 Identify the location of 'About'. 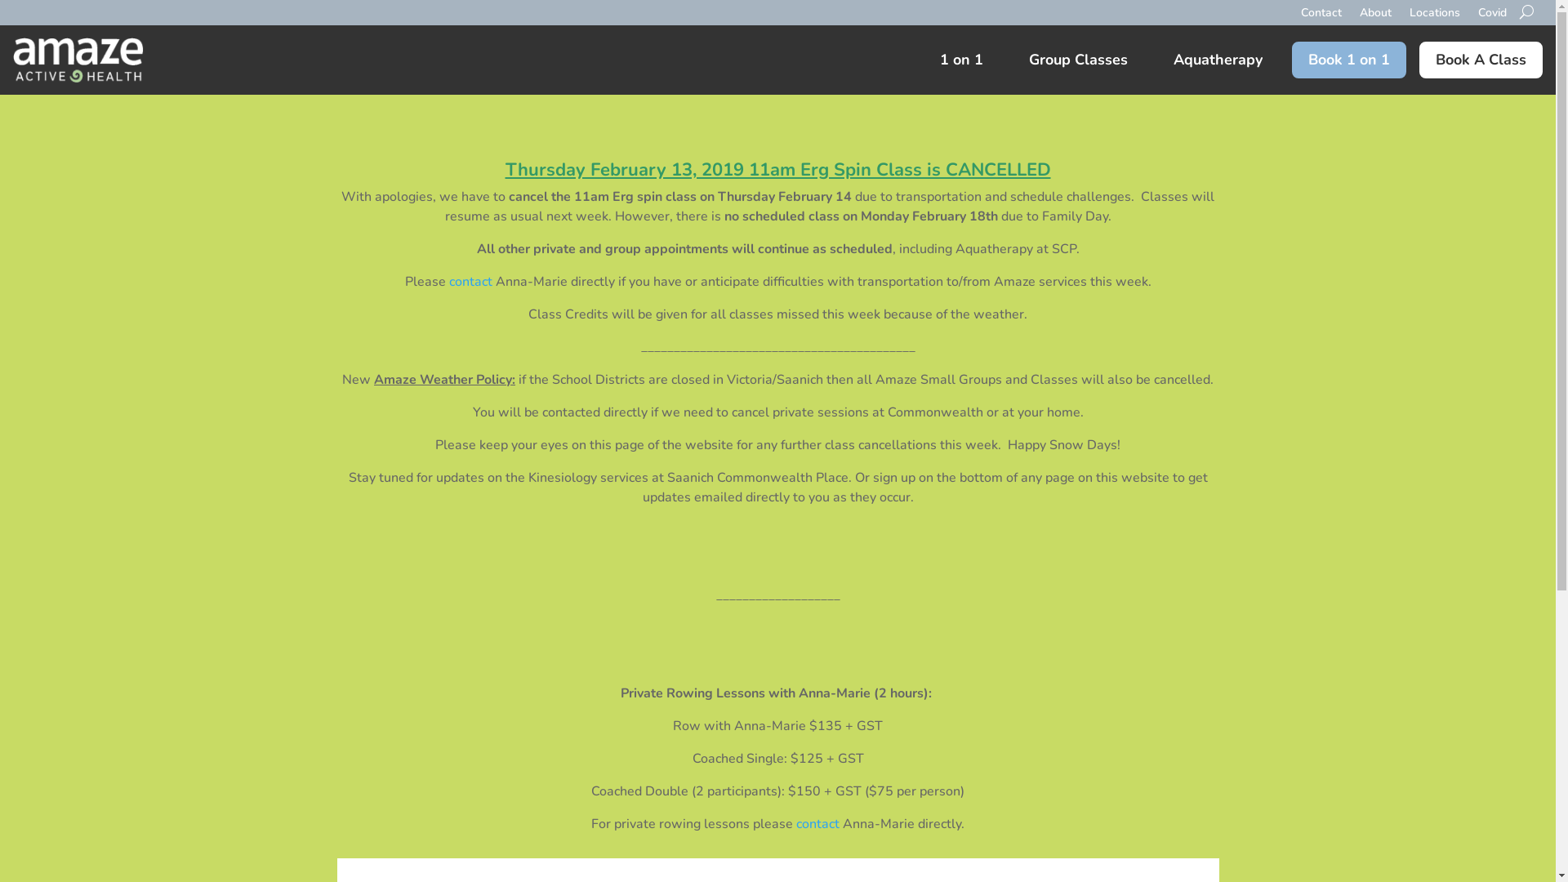
(1360, 24).